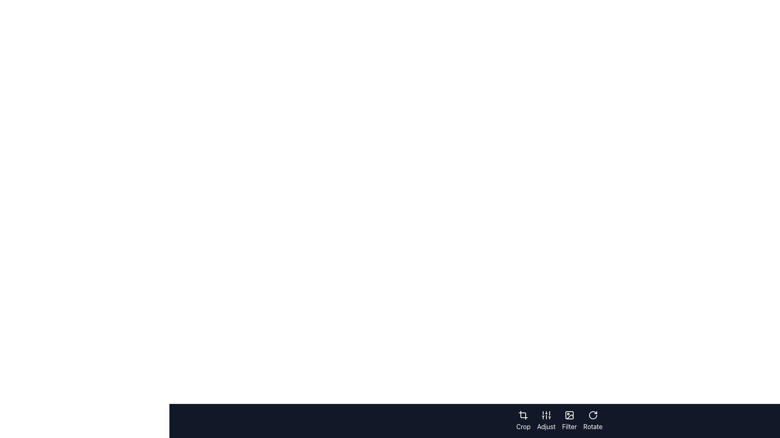  I want to click on the 'Crop' button, which features a cropping icon and a white text label on a dark background, located at the bottom center of the interface, so click(523, 420).